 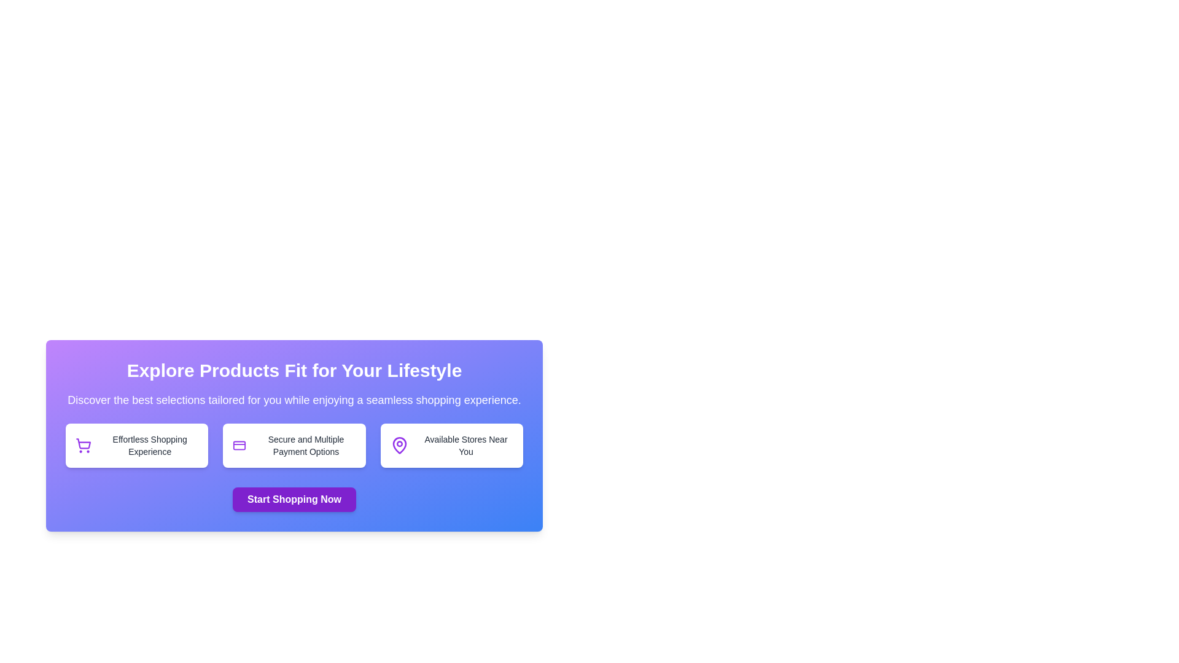 What do you see at coordinates (399, 445) in the screenshot?
I see `the location pin icon, which is a purple outlined SVG shape representing a map's pin, located on the rightmost card in a row of three cards at the bottom of the interface` at bounding box center [399, 445].